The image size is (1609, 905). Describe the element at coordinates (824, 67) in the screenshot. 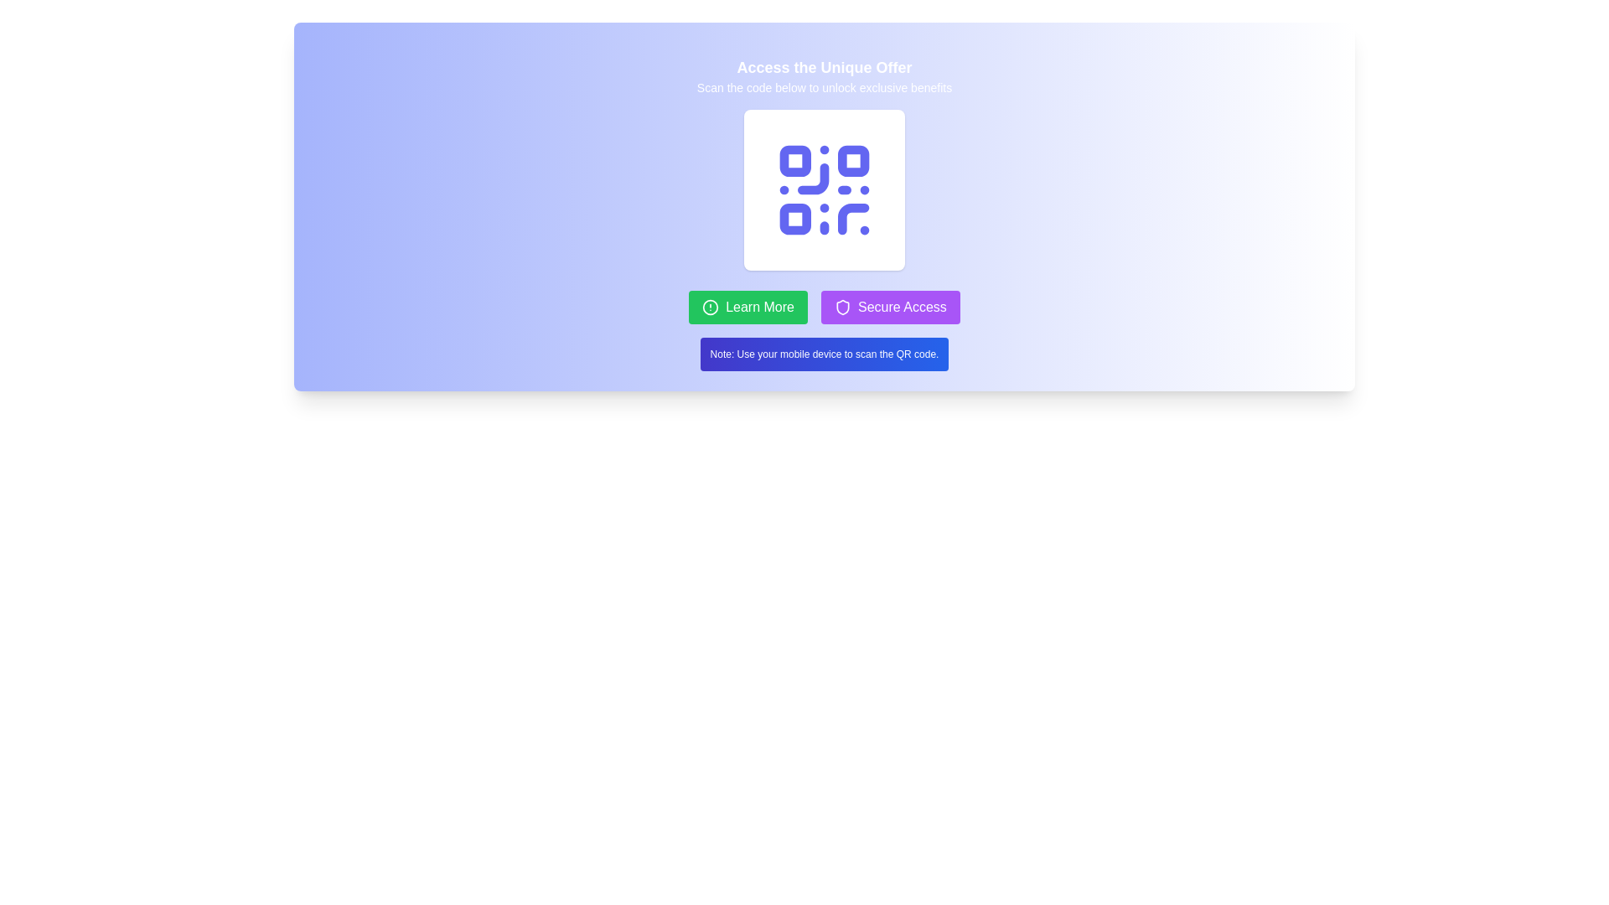

I see `the text label that reads 'Access the Unique Offer', which is prominently displayed in bold white font at the top of the interface` at that location.